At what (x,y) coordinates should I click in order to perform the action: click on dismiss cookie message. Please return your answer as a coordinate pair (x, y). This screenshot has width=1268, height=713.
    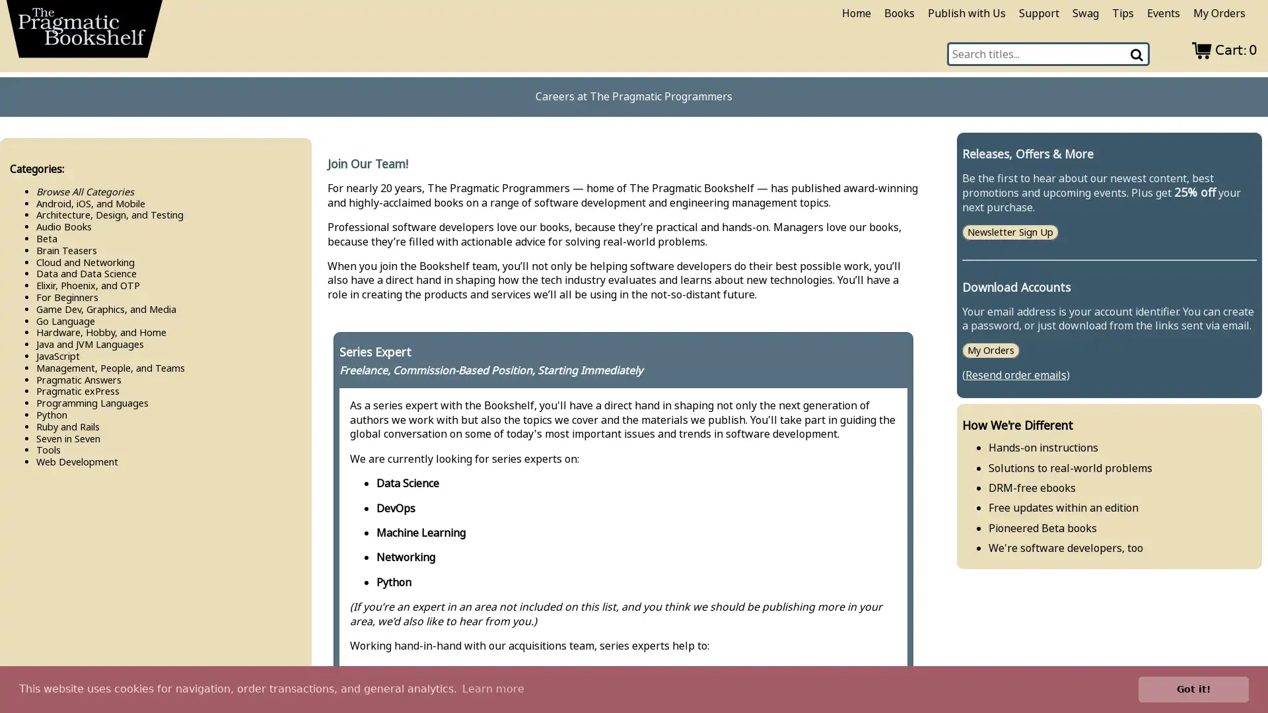
    Looking at the image, I should click on (1193, 689).